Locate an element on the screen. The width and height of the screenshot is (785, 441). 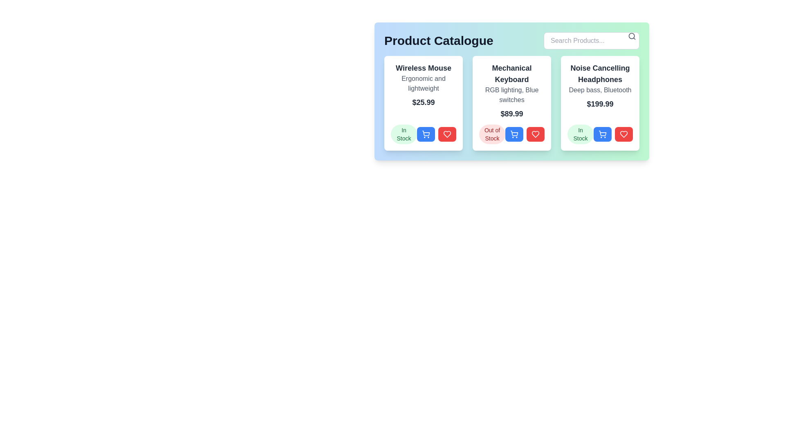
the text label providing supplementary information about the product 'Noise Cancelling Headphones', which highlights its features of deep bass and Bluetooth capabilities is located at coordinates (600, 90).